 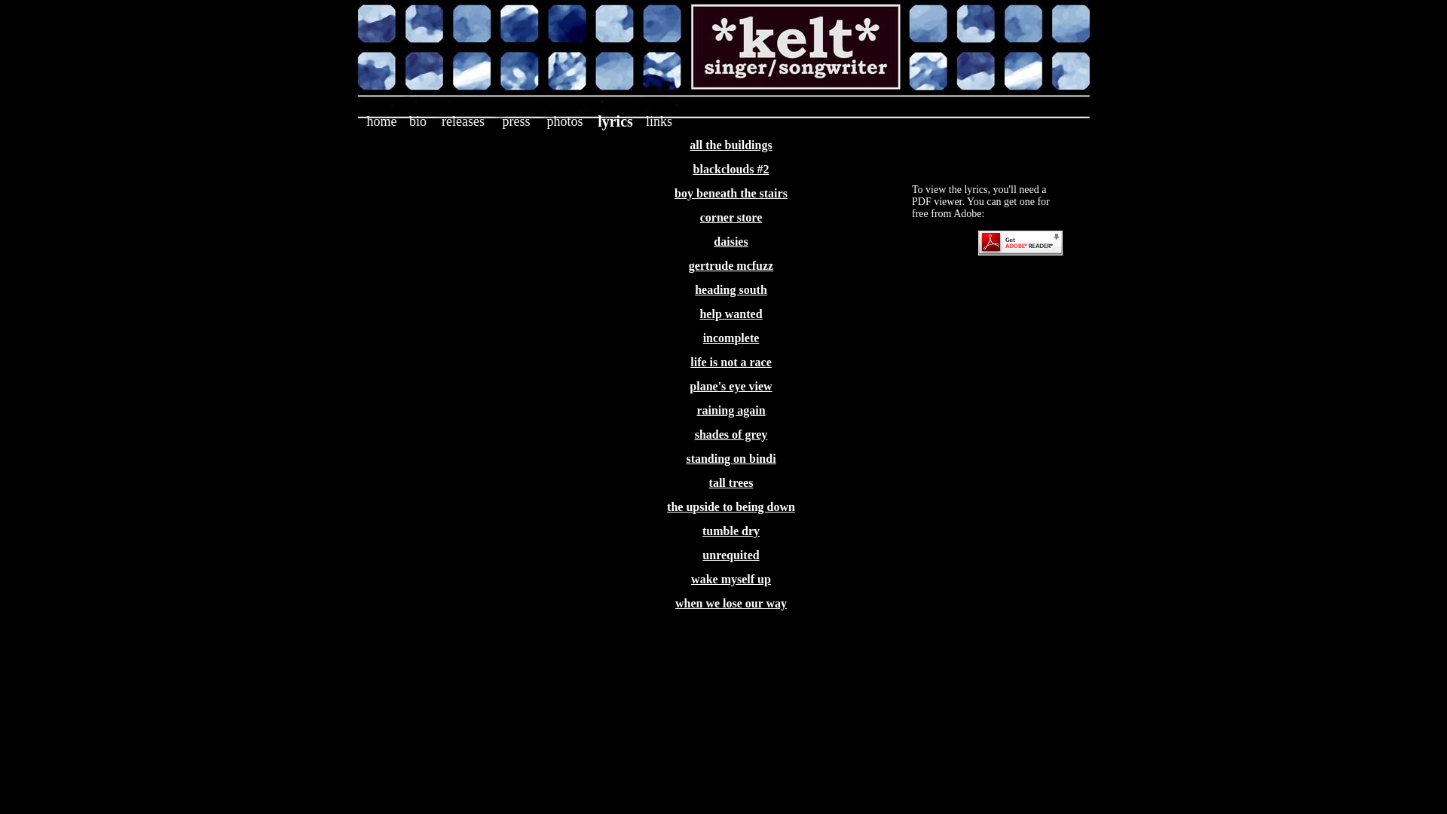 I want to click on 'bio', so click(x=418, y=121).